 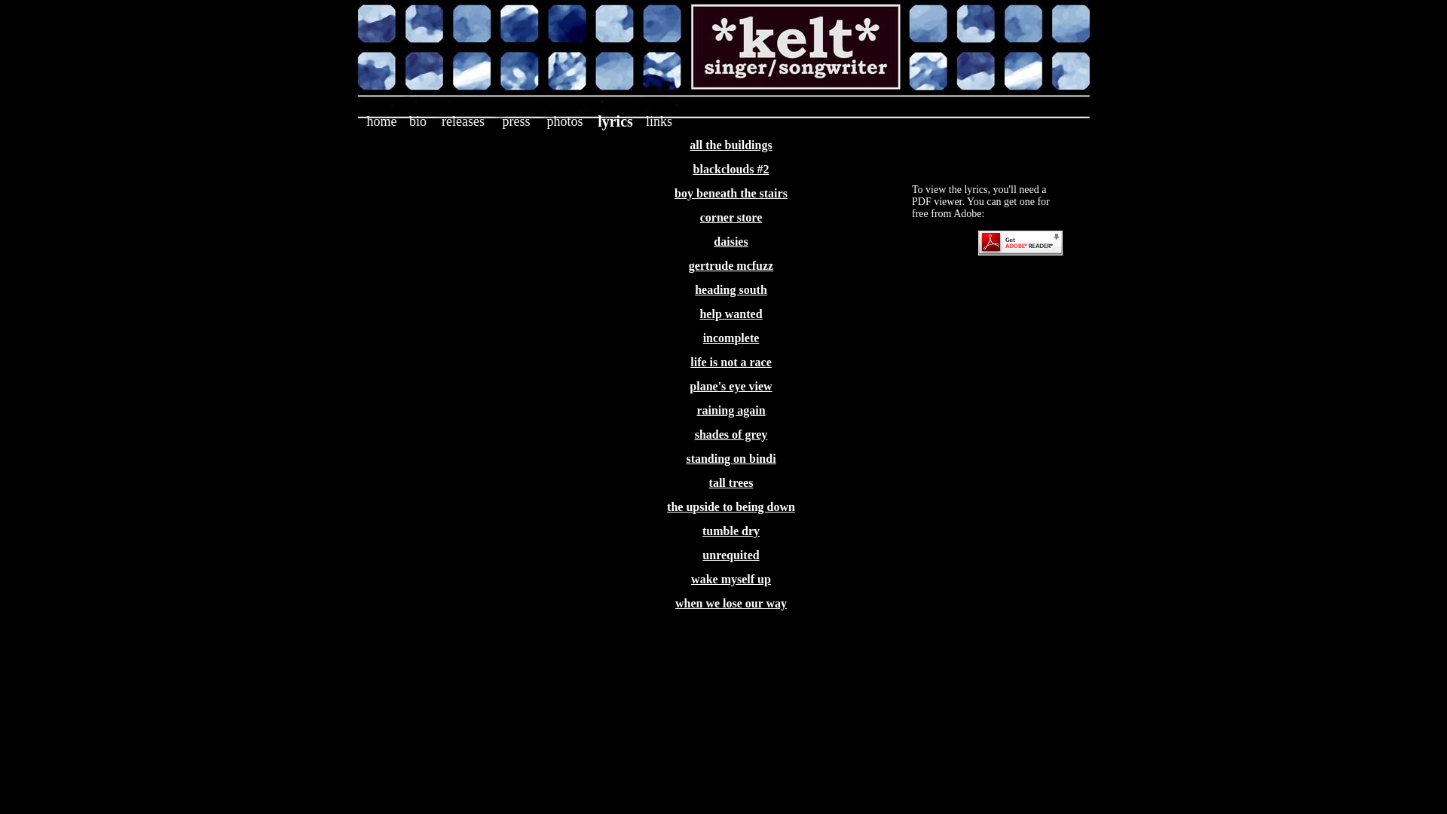 I want to click on 'bio', so click(x=418, y=121).